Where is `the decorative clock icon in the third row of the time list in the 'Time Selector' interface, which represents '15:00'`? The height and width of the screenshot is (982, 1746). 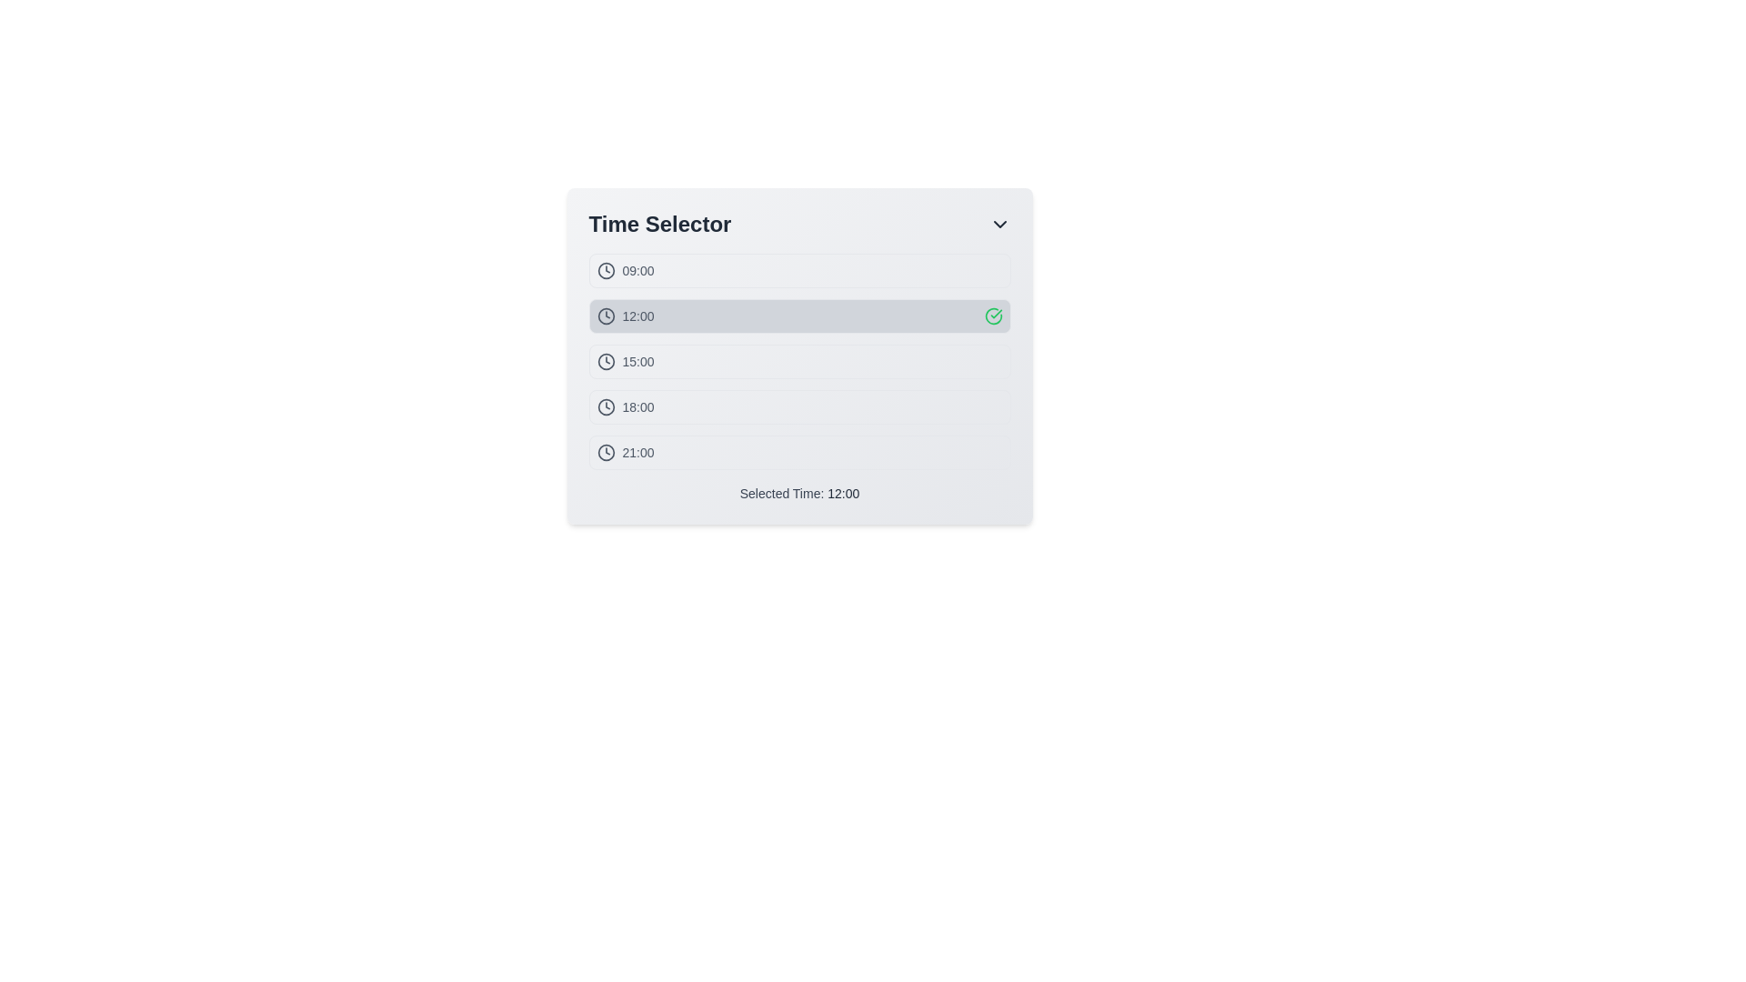
the decorative clock icon in the third row of the time list in the 'Time Selector' interface, which represents '15:00' is located at coordinates (606, 361).